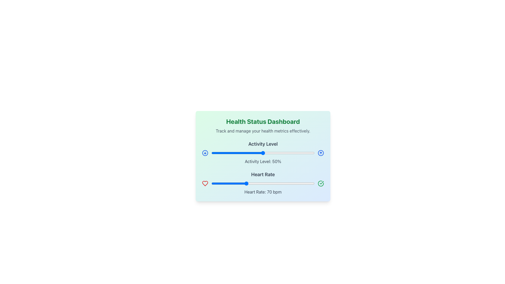 This screenshot has width=505, height=284. I want to click on the activity level, so click(256, 153).